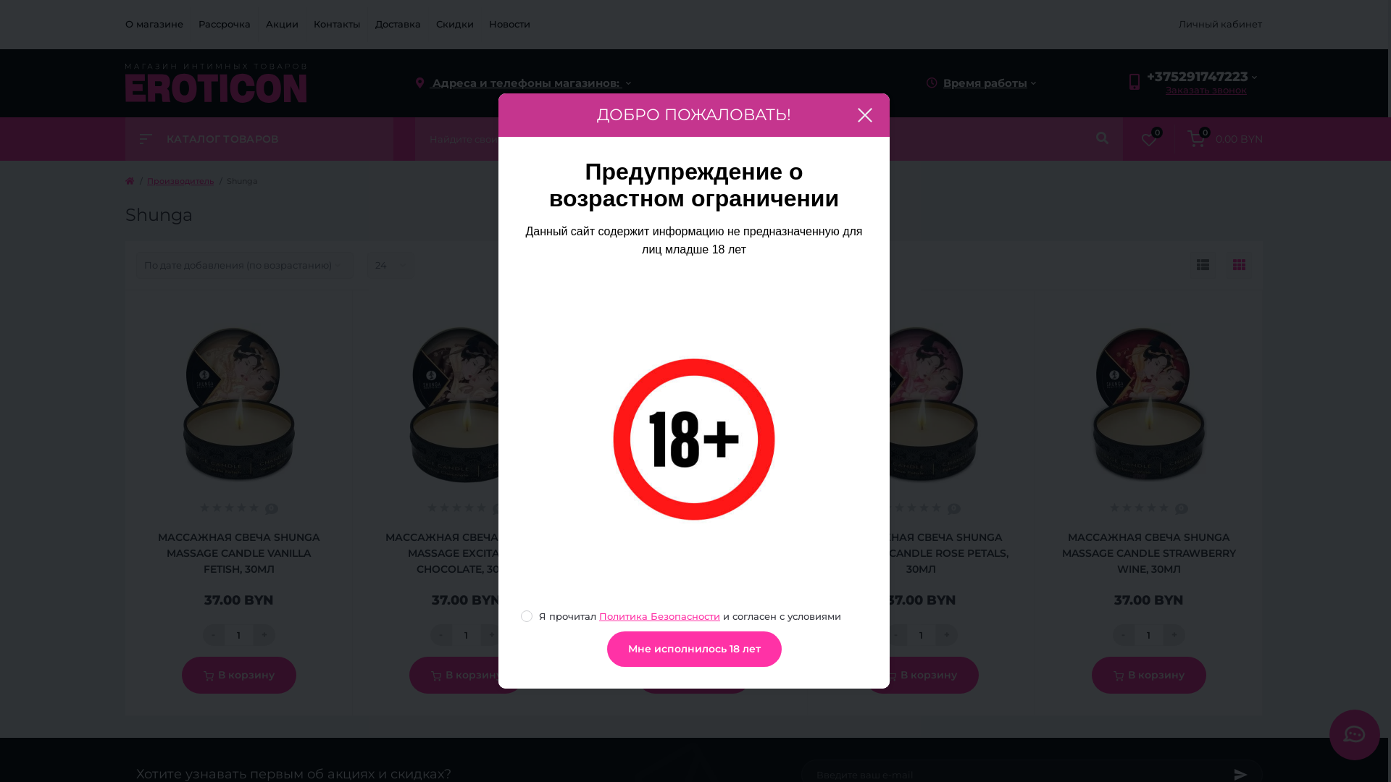 Image resolution: width=1391 pixels, height=782 pixels. I want to click on '+', so click(719, 634).